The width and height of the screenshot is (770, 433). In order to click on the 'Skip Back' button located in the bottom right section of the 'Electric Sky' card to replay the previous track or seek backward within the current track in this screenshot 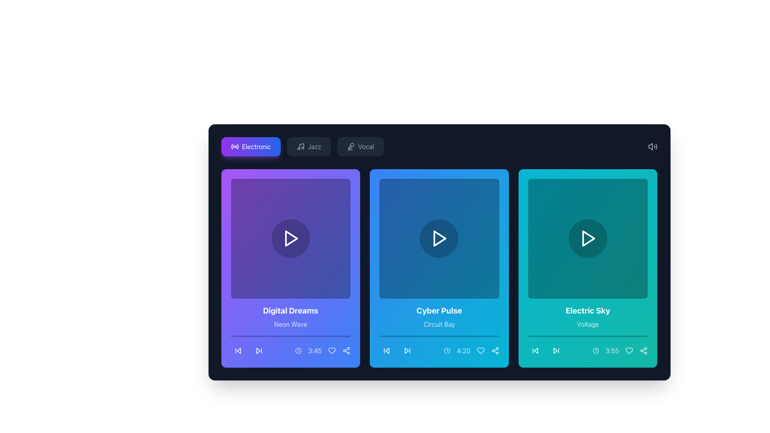, I will do `click(535, 350)`.